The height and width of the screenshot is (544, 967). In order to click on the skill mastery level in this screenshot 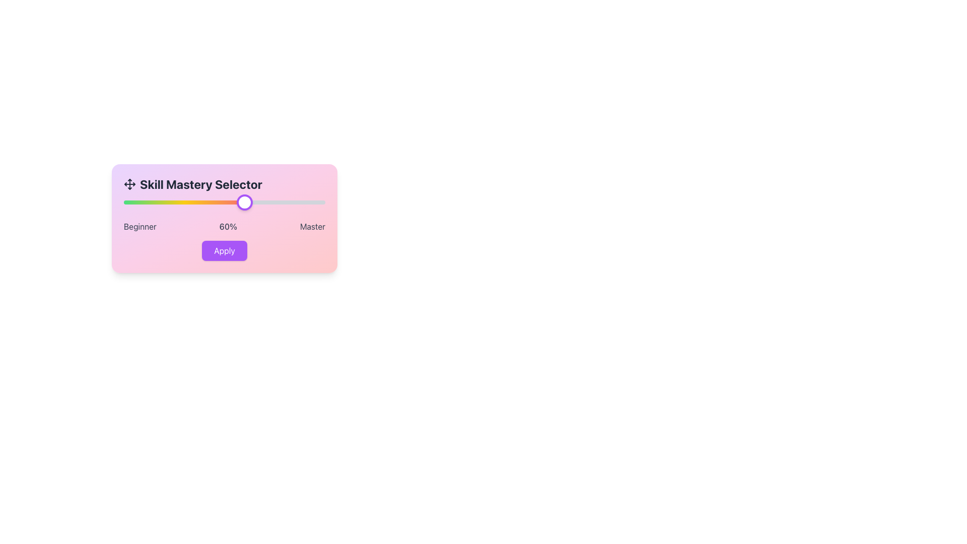, I will do `click(210, 202)`.